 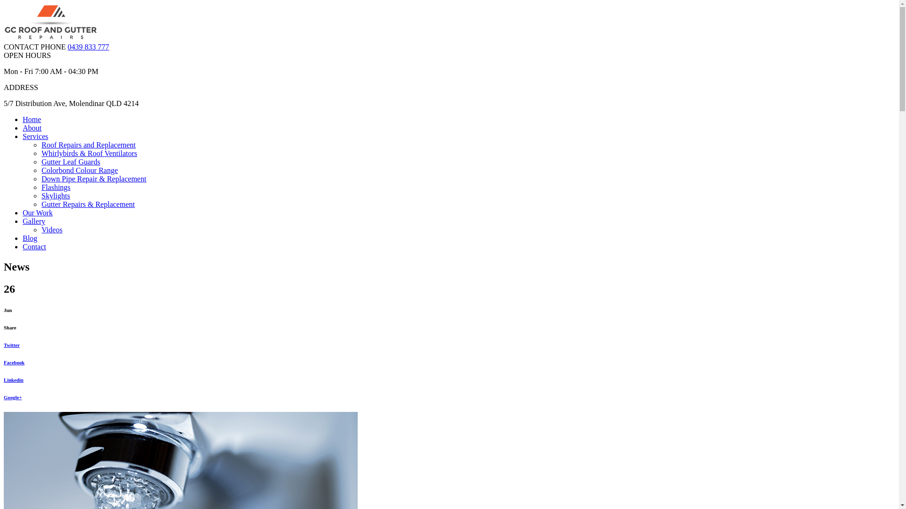 What do you see at coordinates (89, 153) in the screenshot?
I see `'Whirlybirds & Roof Ventilators'` at bounding box center [89, 153].